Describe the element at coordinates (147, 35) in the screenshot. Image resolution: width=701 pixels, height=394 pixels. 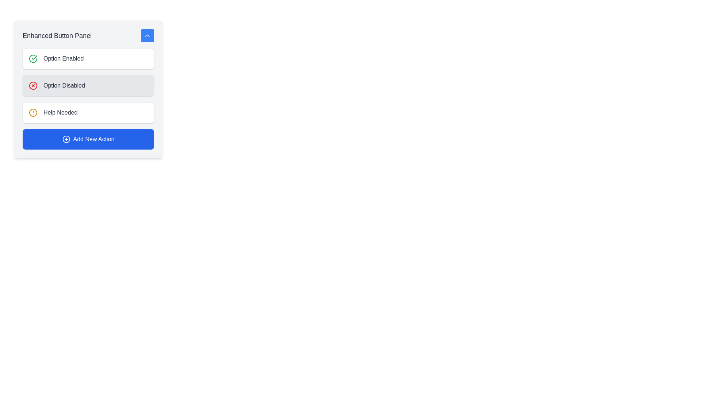
I see `the upward-pointing chevron icon located on the rounded blue button at the top-right of the 'Enhanced Button Panel'` at that location.